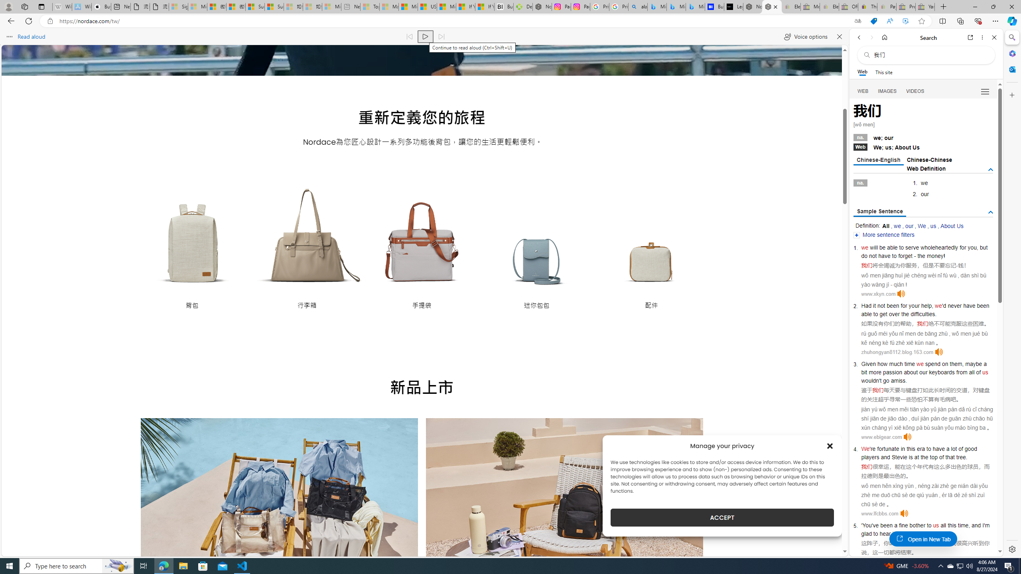 Image resolution: width=1021 pixels, height=574 pixels. Describe the element at coordinates (920, 448) in the screenshot. I see `'era'` at that location.